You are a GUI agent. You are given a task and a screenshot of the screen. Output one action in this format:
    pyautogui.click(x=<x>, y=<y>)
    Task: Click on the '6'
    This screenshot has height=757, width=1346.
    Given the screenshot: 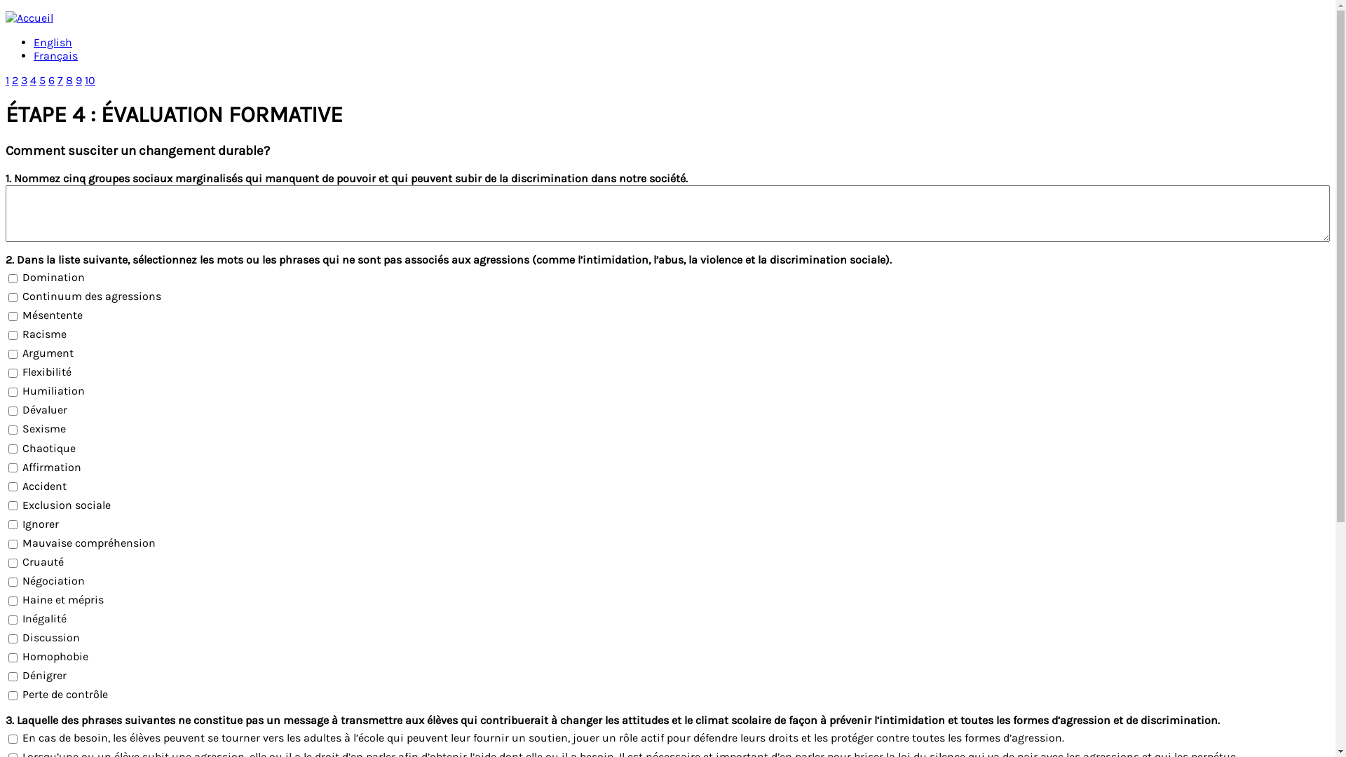 What is the action you would take?
    pyautogui.click(x=48, y=80)
    